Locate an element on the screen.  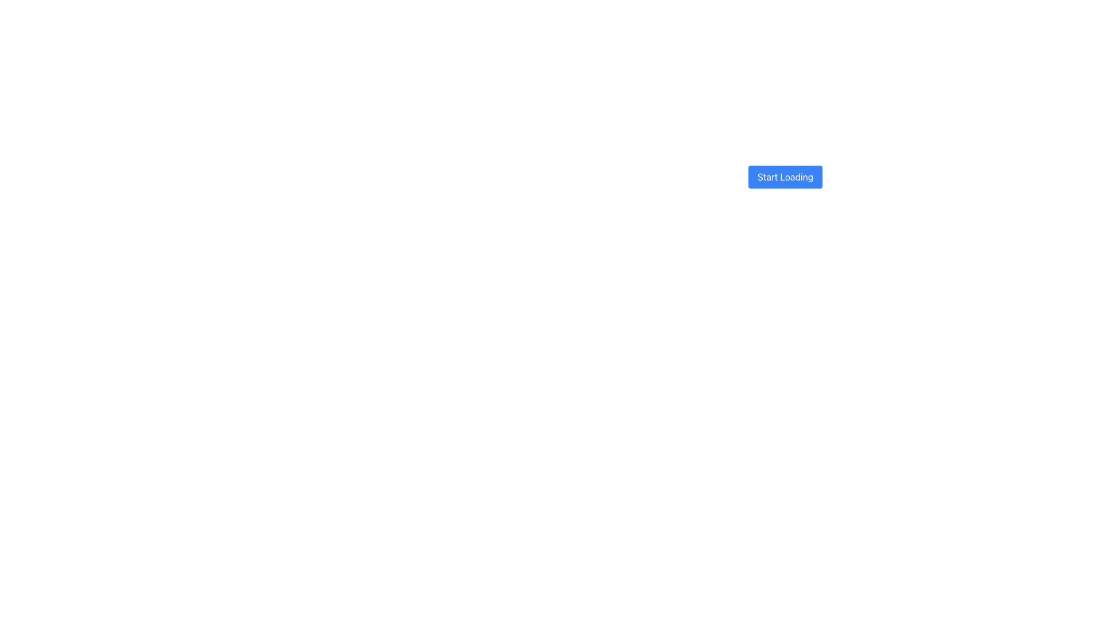
the button that initiates the loading process to observe the scaling effect is located at coordinates (785, 177).